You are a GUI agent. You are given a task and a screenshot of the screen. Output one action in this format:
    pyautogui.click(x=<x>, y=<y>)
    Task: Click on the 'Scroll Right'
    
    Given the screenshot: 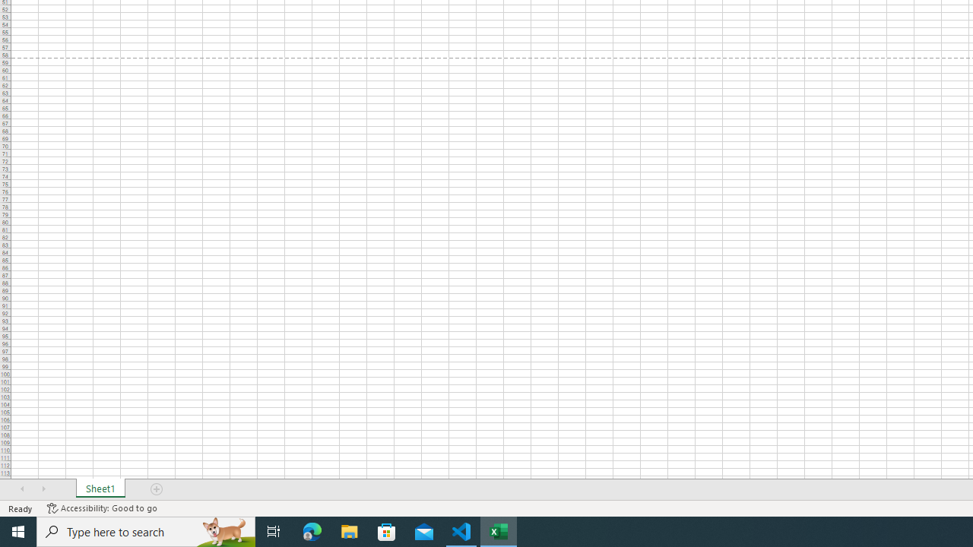 What is the action you would take?
    pyautogui.click(x=43, y=489)
    